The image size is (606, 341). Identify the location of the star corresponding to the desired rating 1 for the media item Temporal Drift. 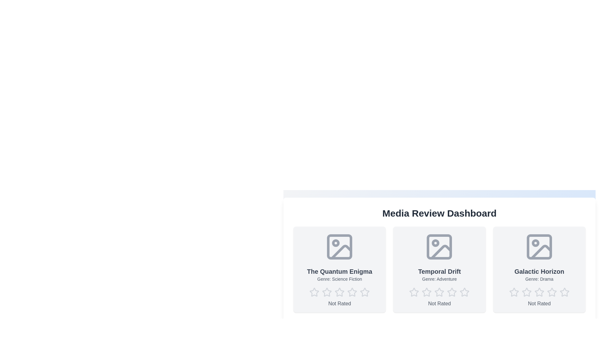
(414, 292).